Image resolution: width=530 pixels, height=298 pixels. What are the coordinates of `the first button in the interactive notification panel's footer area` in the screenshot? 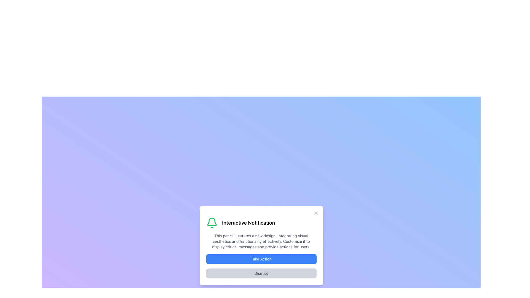 It's located at (261, 259).